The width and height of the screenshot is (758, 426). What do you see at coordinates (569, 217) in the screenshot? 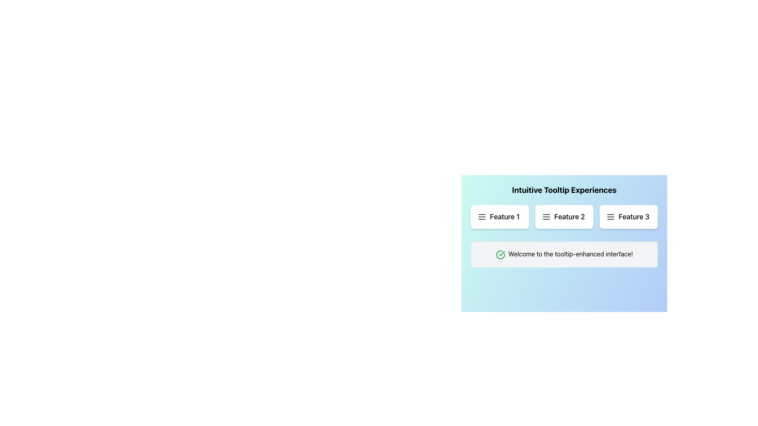
I see `the 'Feature 2' text label within its button` at bounding box center [569, 217].